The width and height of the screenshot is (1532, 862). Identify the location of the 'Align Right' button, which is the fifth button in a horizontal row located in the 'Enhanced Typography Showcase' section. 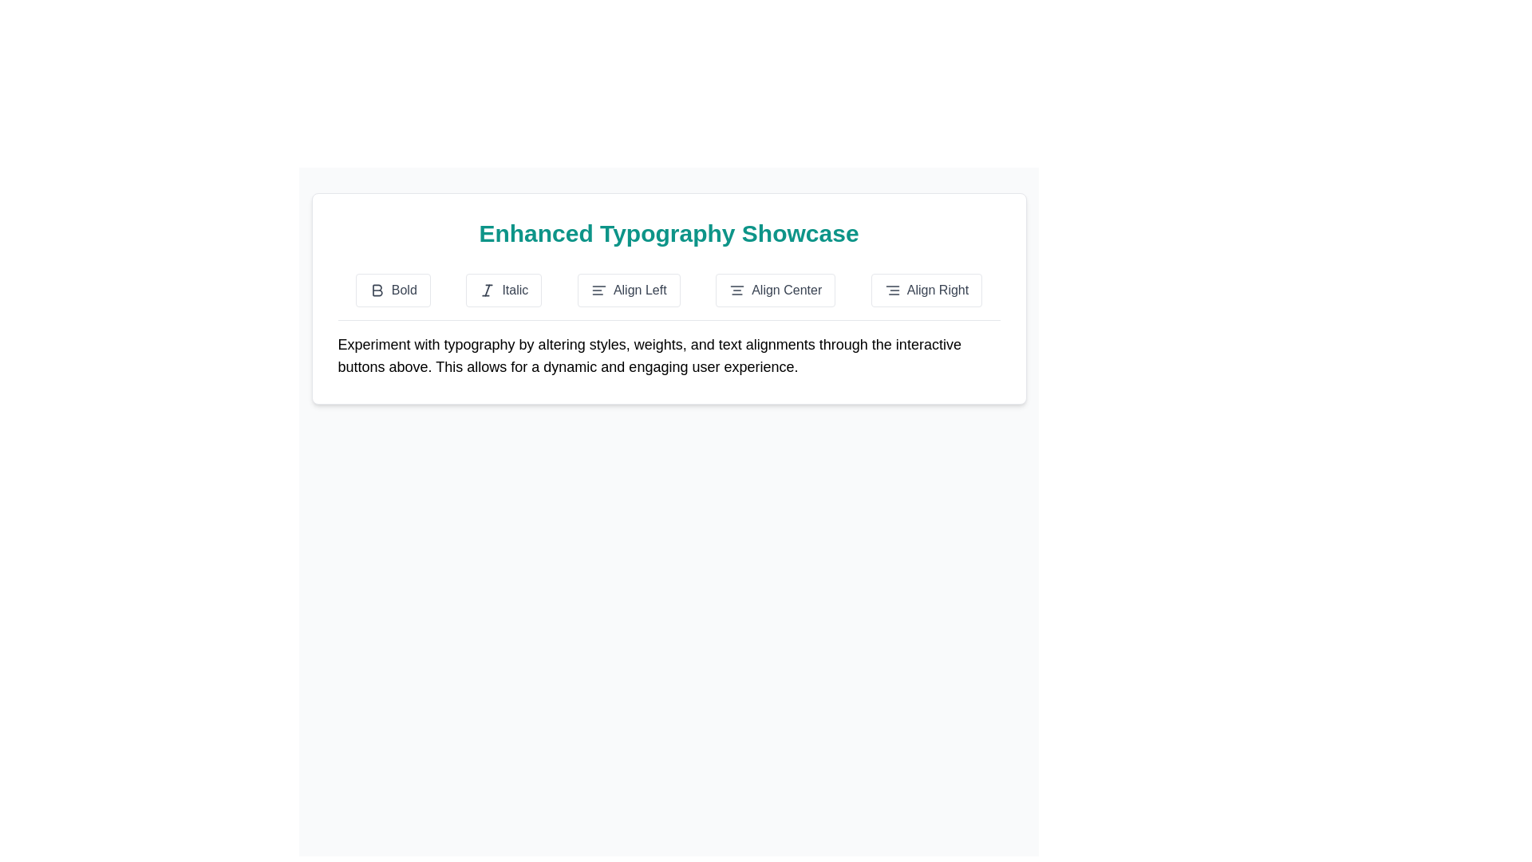
(926, 290).